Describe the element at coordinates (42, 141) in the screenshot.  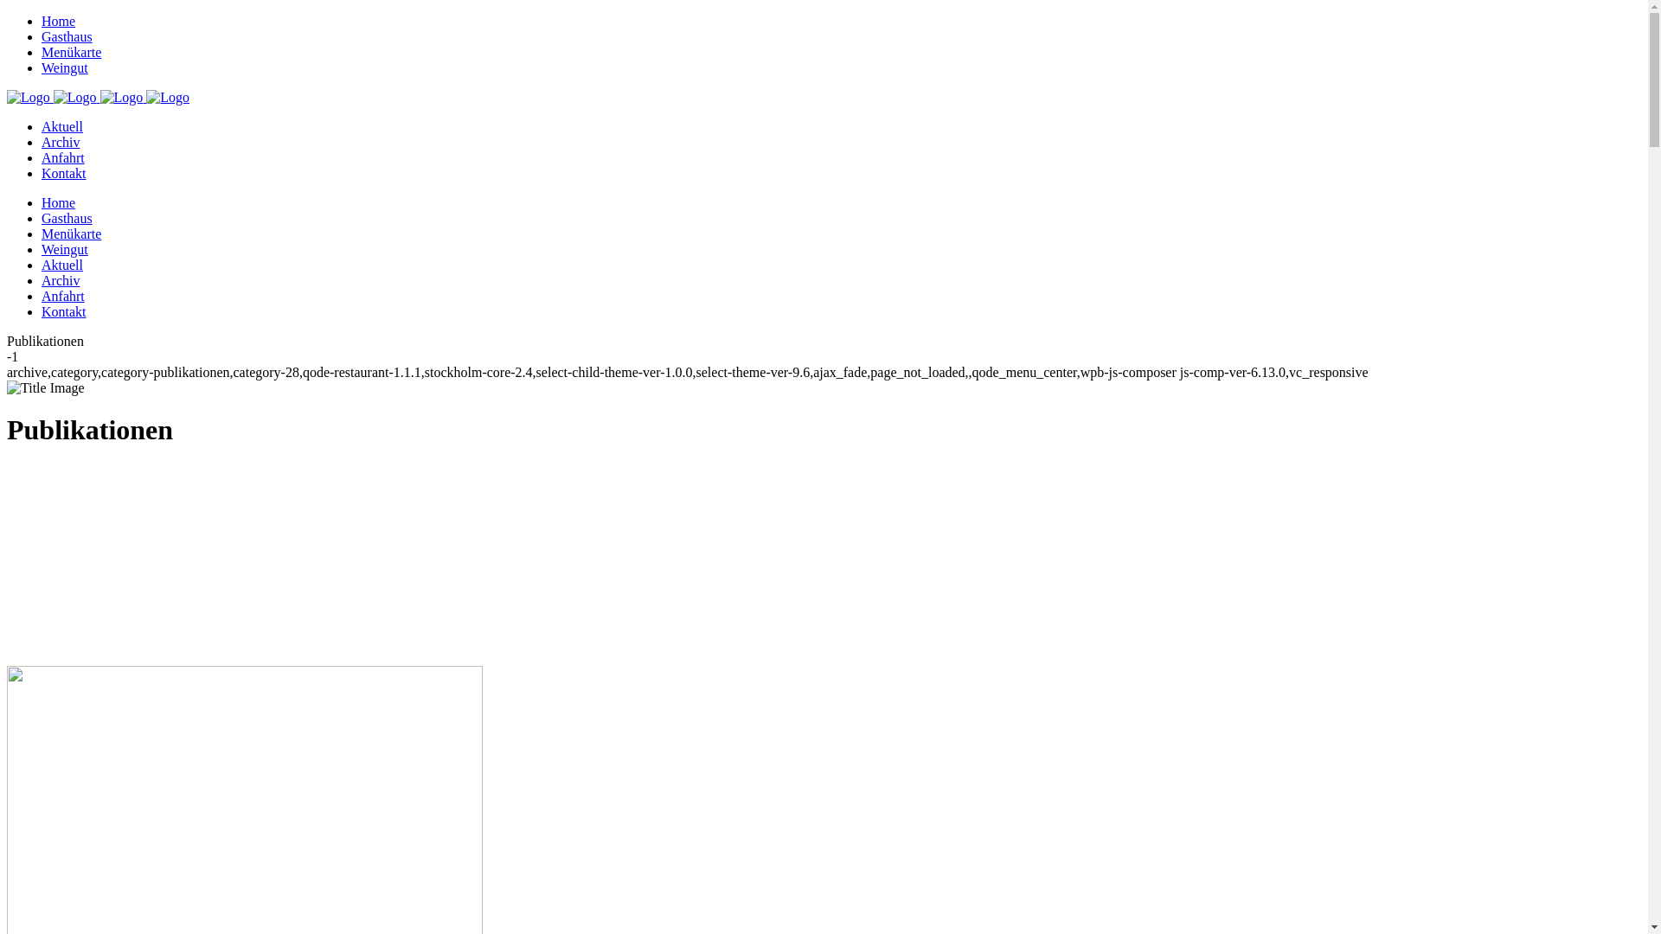
I see `'Archiv'` at that location.